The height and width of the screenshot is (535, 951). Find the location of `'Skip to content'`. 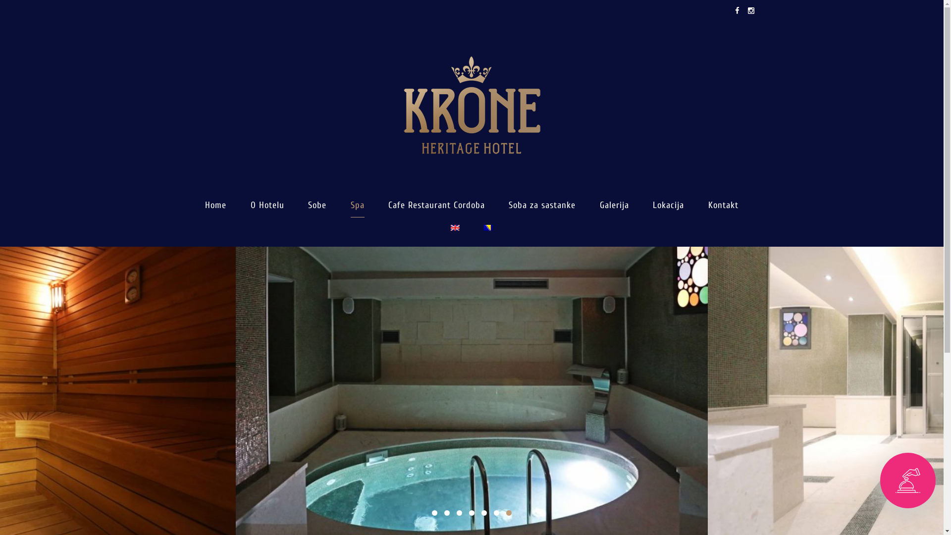

'Skip to content' is located at coordinates (0, 0).